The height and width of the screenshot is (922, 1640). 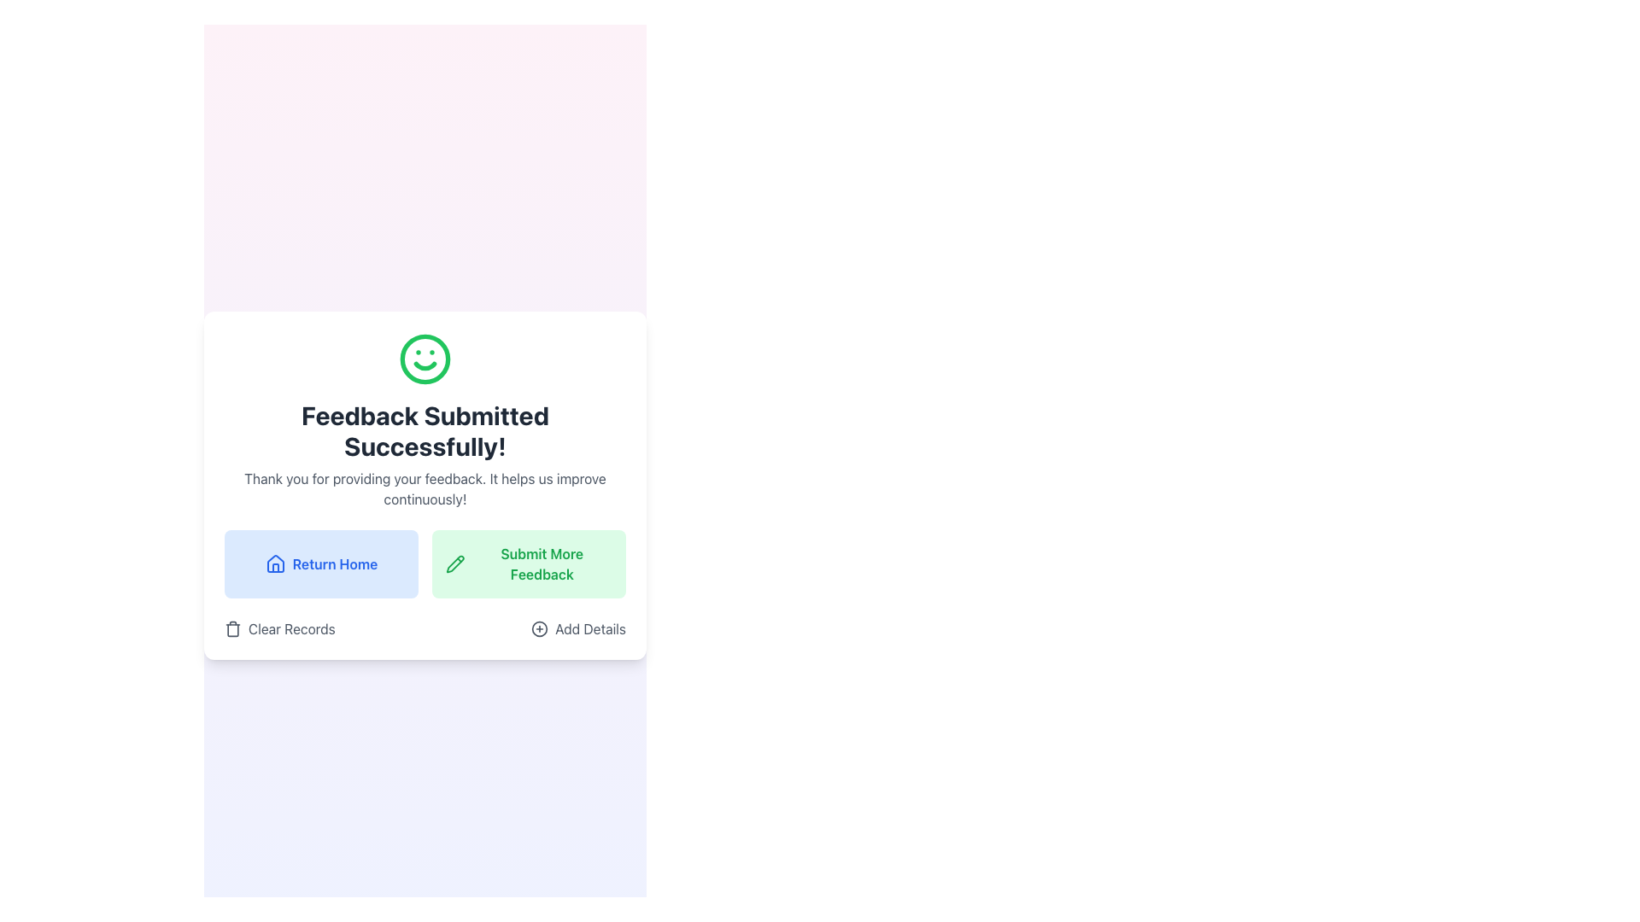 I want to click on the 'Clear Records' text label, so click(x=291, y=628).